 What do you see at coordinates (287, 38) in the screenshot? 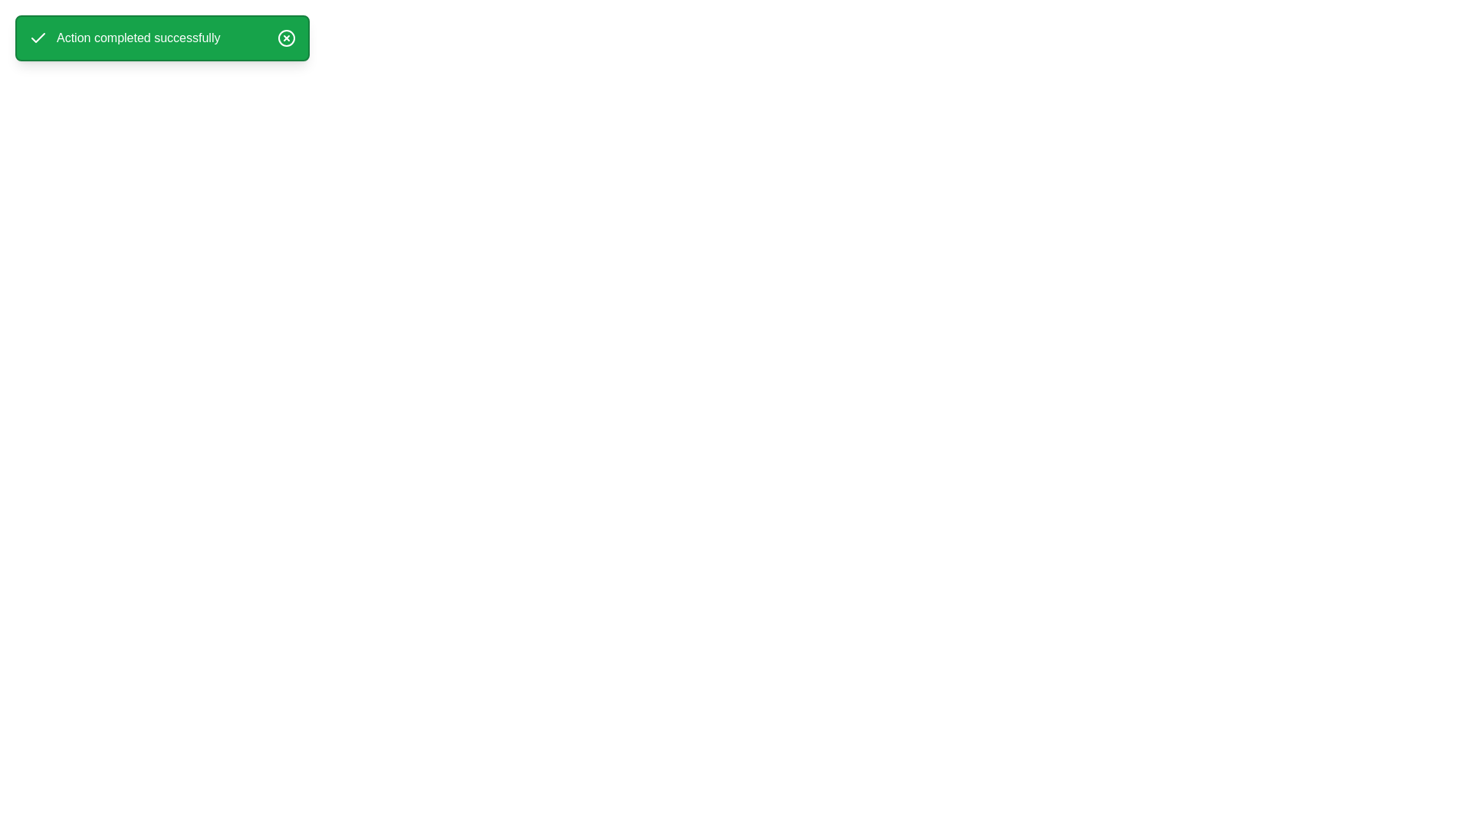
I see `the close button to dismiss the alert` at bounding box center [287, 38].